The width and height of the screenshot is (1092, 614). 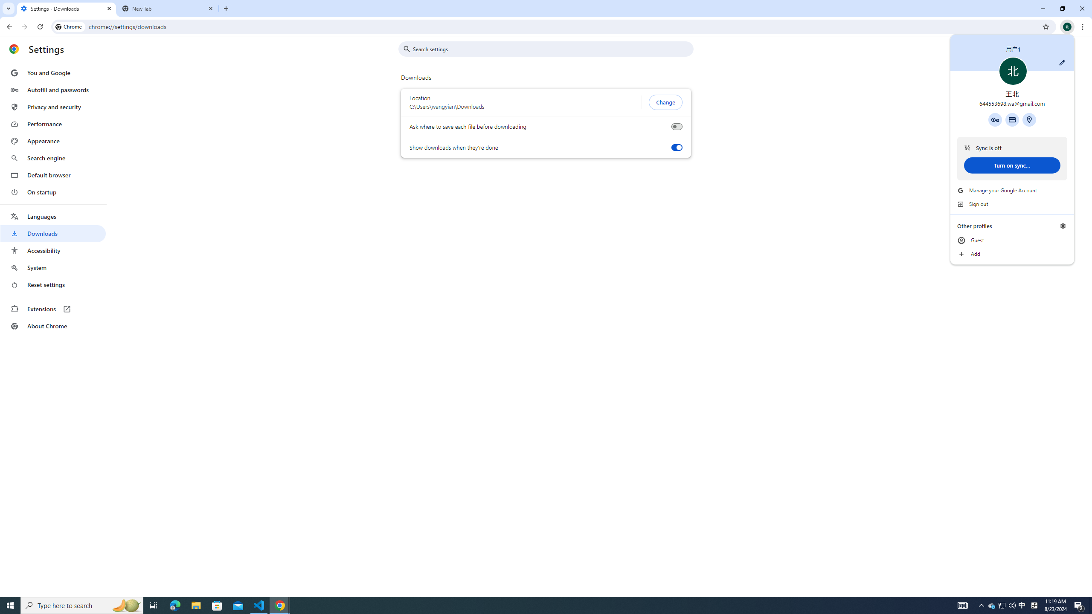 I want to click on 'Visual Studio Code - 1 running window', so click(x=259, y=605).